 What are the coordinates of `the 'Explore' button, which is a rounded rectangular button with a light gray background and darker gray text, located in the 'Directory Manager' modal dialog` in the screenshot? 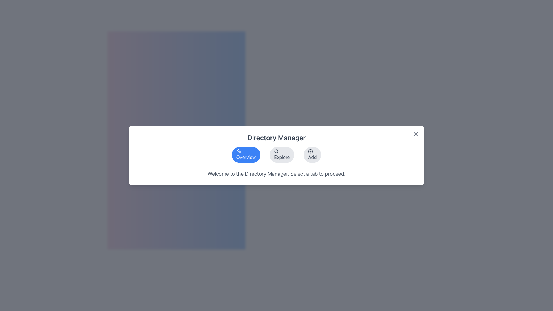 It's located at (282, 154).